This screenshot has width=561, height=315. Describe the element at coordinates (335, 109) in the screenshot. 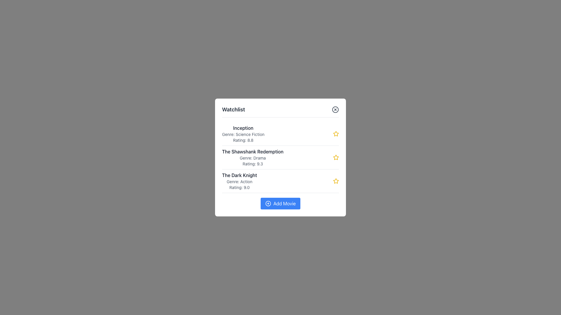

I see `the close button represented by a circular SVG shape located in the top-right corner of the modal dialog containing the watchlist` at that location.